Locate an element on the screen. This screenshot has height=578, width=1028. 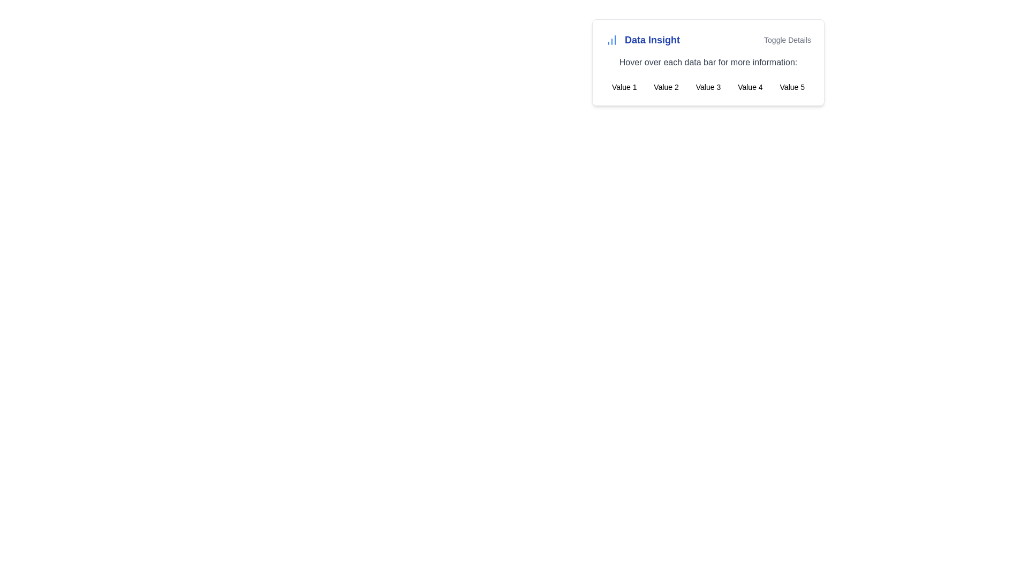
the centrally positioned grid of labeled items below the text 'Hover over each data bar for more information:' is located at coordinates (708, 84).